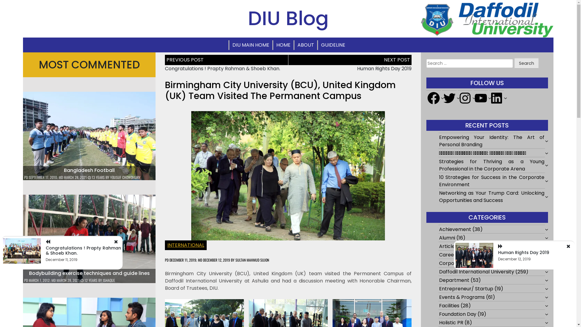 Image resolution: width=581 pixels, height=327 pixels. I want to click on 'Career', so click(447, 255).